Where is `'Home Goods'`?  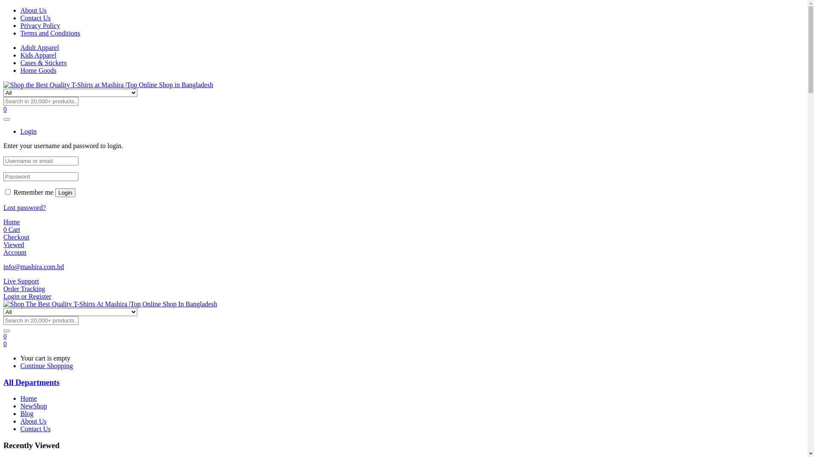
'Home Goods' is located at coordinates (38, 70).